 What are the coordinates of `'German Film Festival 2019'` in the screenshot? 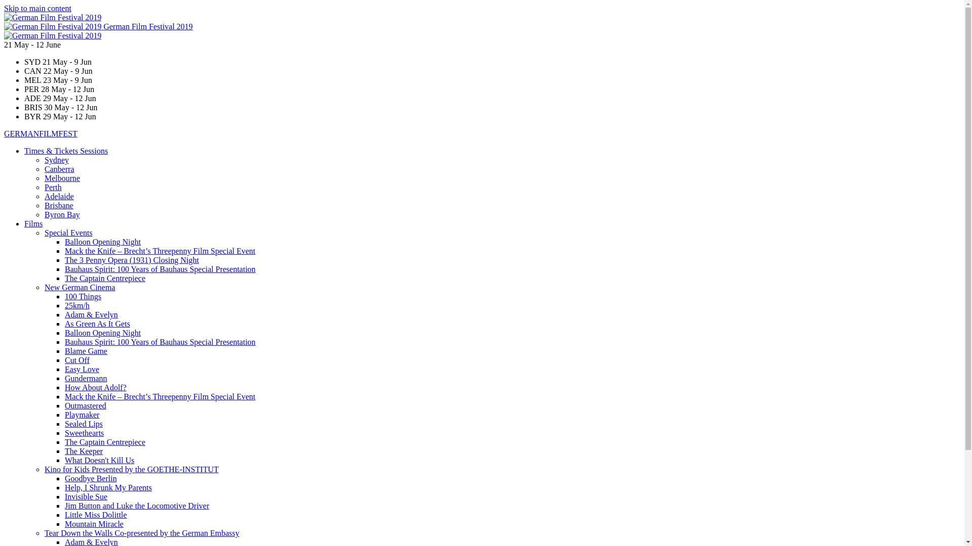 It's located at (53, 26).